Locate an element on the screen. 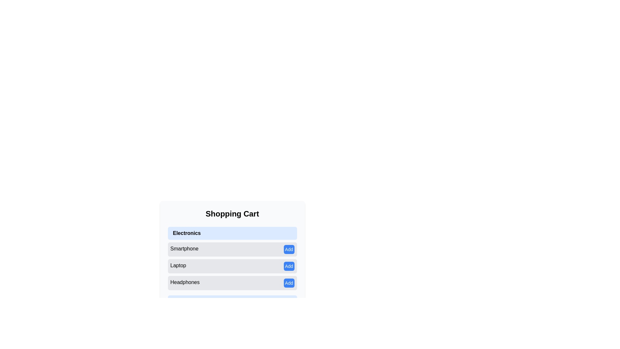 The width and height of the screenshot is (620, 349). the 'Add' button for the 'Laptop' item located in the 'Electronics' section of the list is located at coordinates (232, 266).